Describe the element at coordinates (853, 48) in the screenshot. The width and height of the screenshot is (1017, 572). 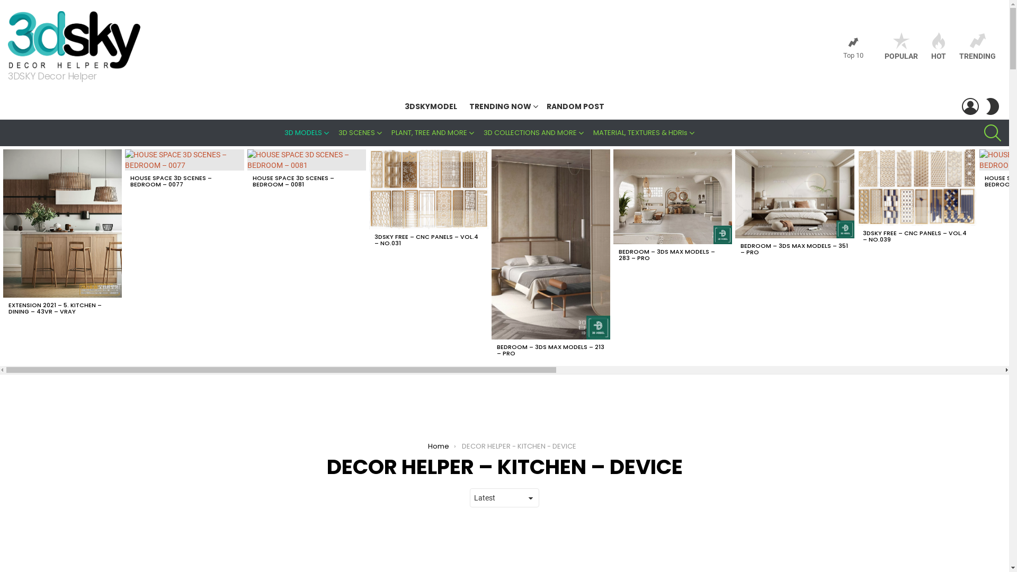
I see `'Top 10'` at that location.